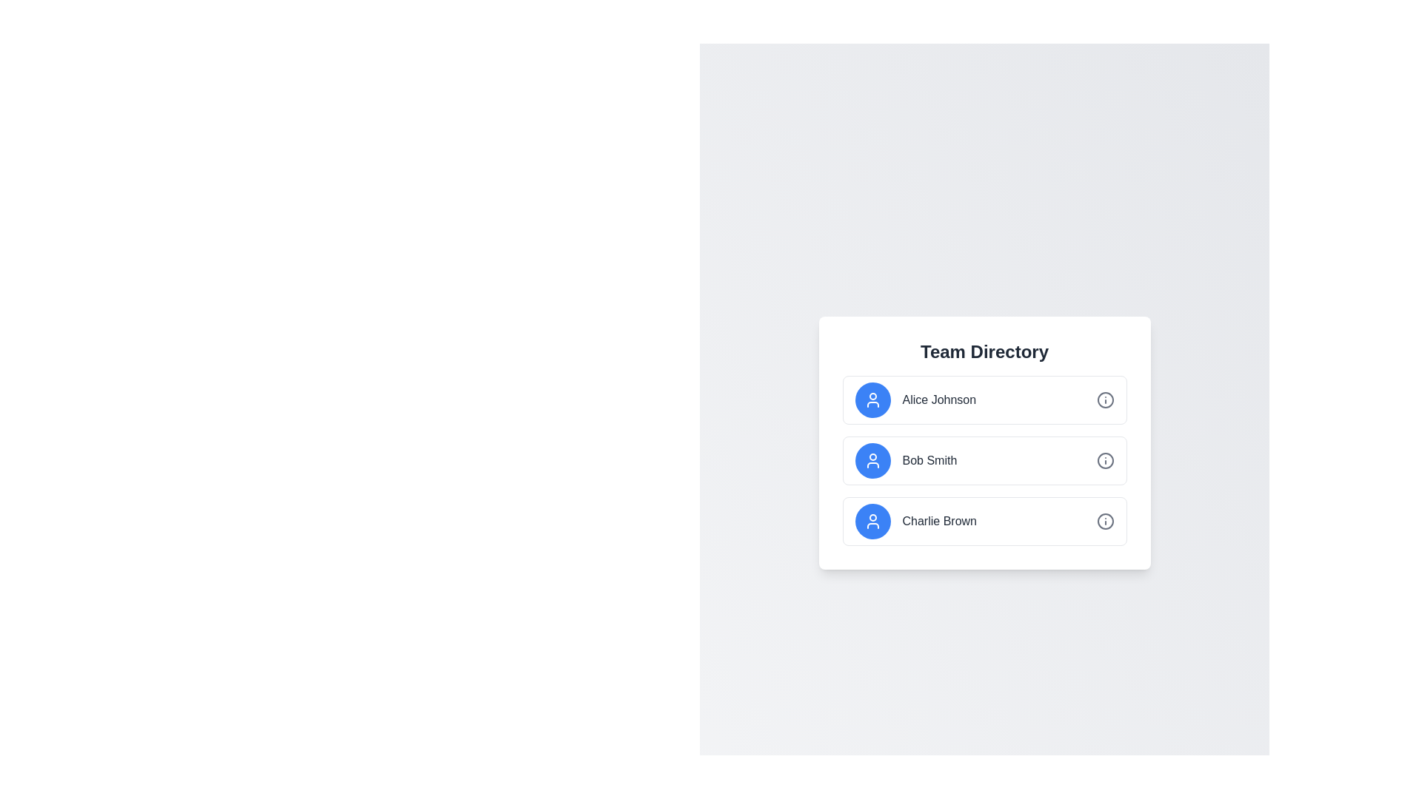 The image size is (1422, 799). I want to click on the icon located to the right of the user 'Bob Smith' in the list, so click(1105, 460).